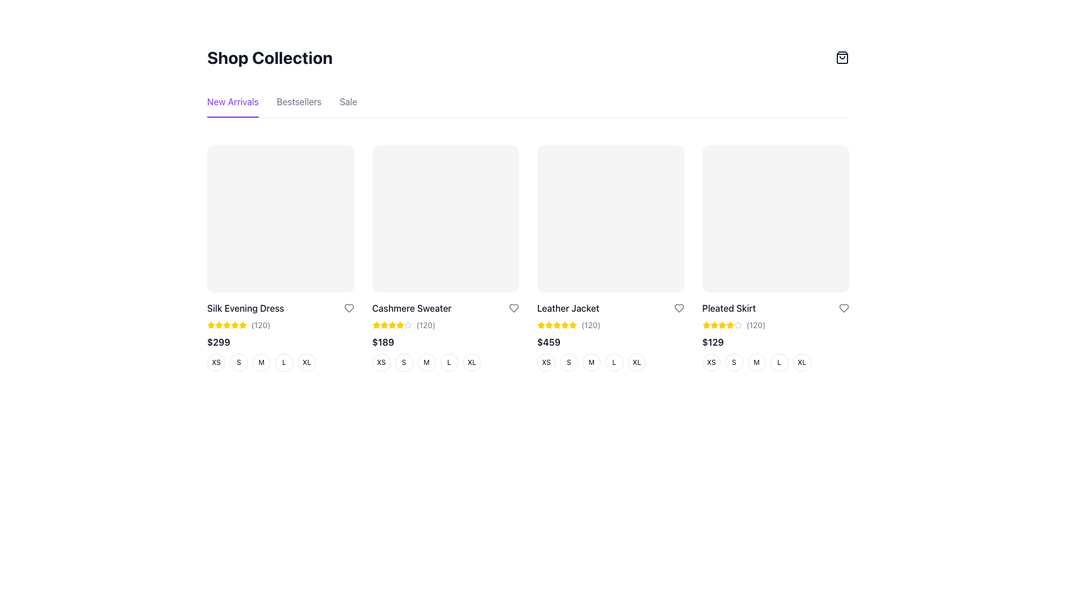 Image resolution: width=1087 pixels, height=611 pixels. What do you see at coordinates (392, 325) in the screenshot?
I see `the first SVG-based star icon in the rating system for the 'Cashmere Sweater' product card` at bounding box center [392, 325].